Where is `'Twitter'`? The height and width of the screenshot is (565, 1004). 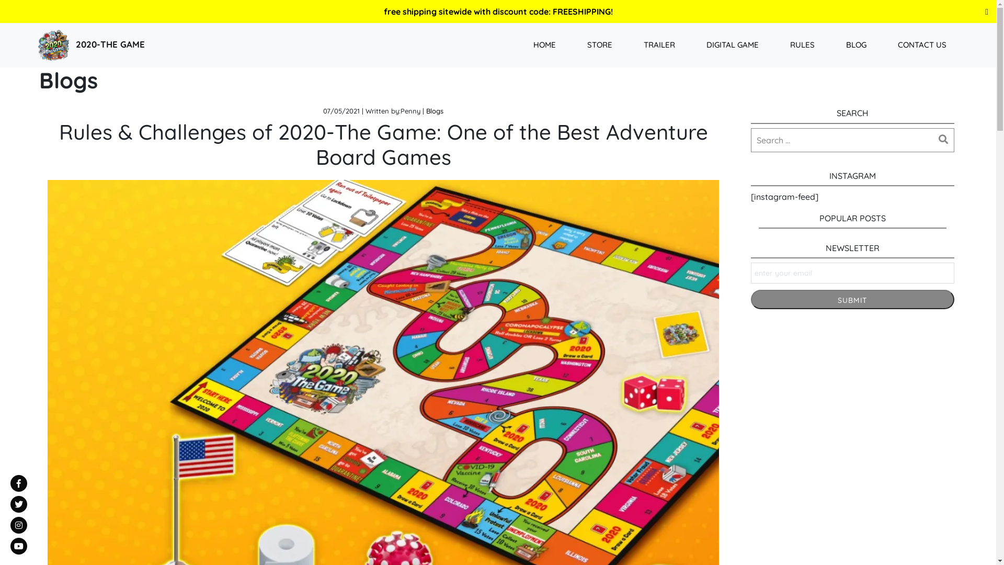 'Twitter' is located at coordinates (18, 504).